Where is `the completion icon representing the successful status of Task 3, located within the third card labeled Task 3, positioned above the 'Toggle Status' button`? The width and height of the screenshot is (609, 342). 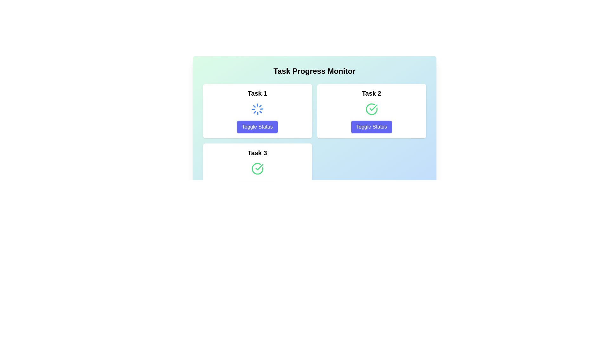 the completion icon representing the successful status of Task 3, located within the third card labeled Task 3, positioned above the 'Toggle Status' button is located at coordinates (259, 167).